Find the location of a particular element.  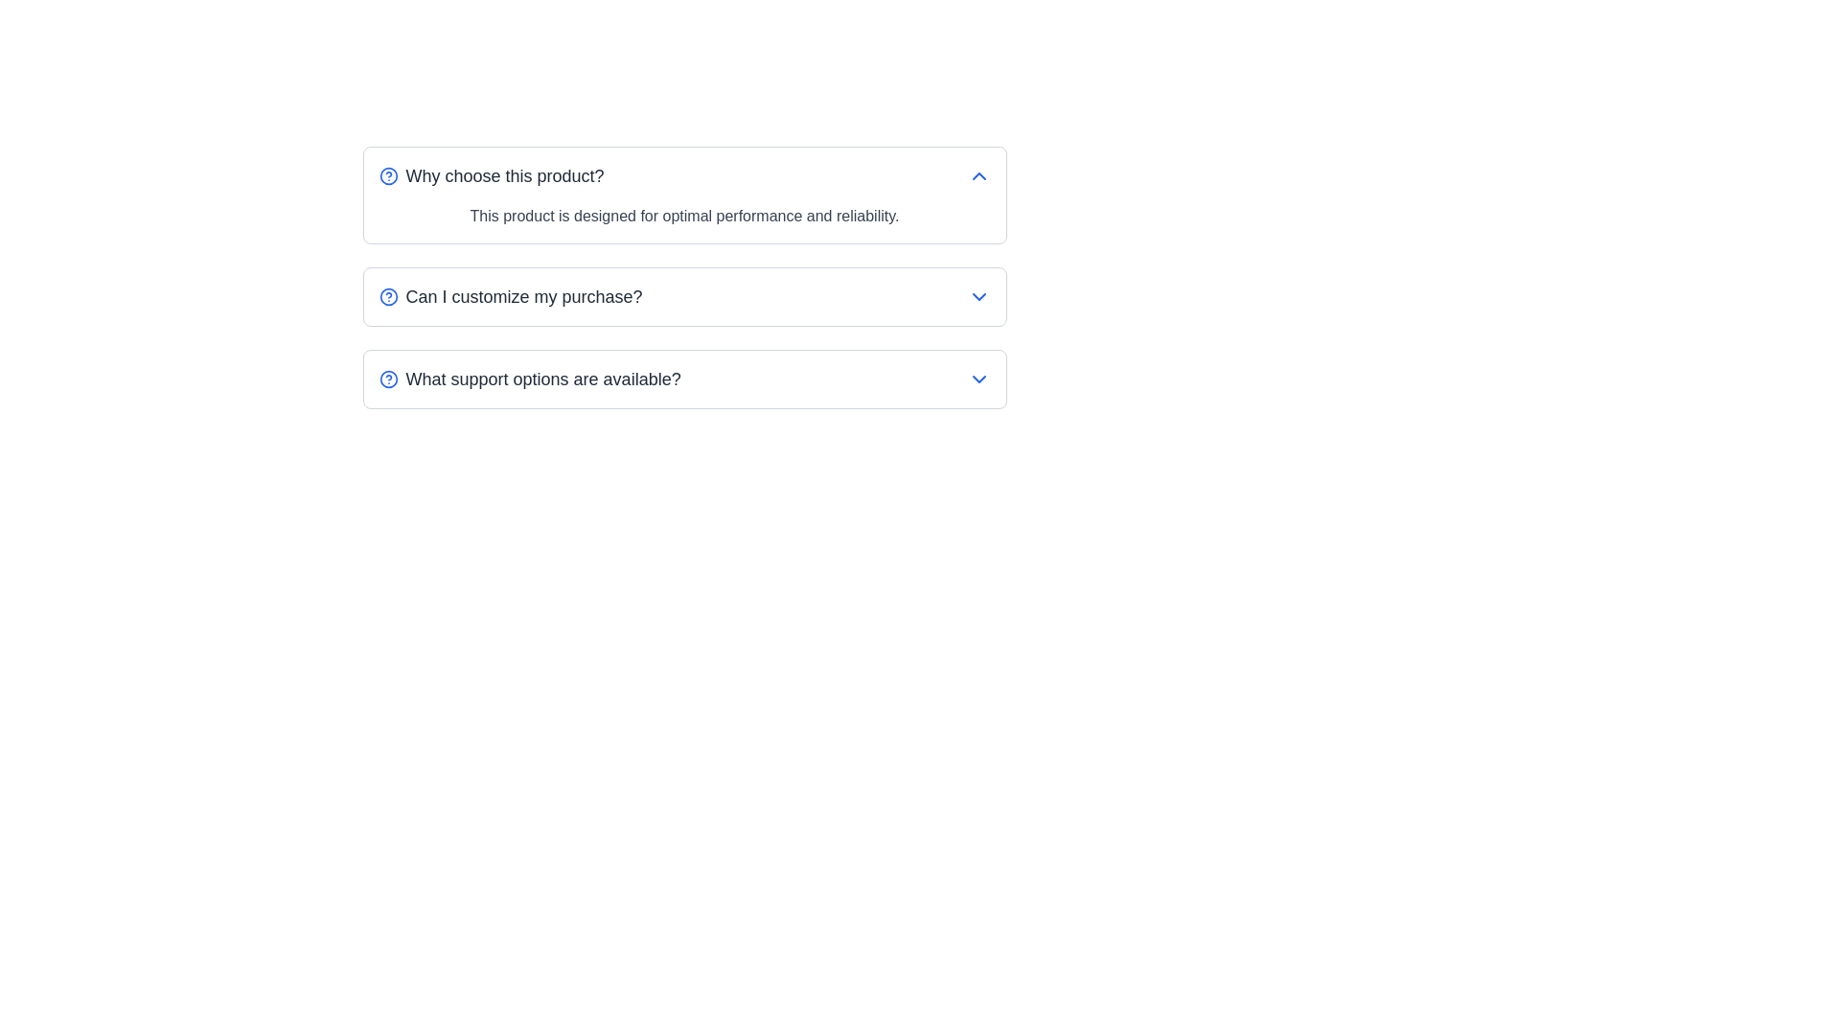

the small circular icon with a blue outline and a question mark, located to the left of the text 'Can I customize my purchase?' is located at coordinates (387, 296).